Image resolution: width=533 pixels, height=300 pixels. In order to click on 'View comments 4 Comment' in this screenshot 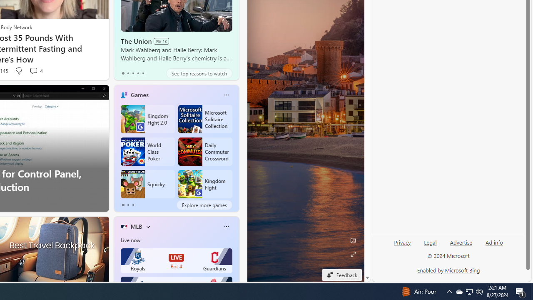, I will do `click(35, 70)`.